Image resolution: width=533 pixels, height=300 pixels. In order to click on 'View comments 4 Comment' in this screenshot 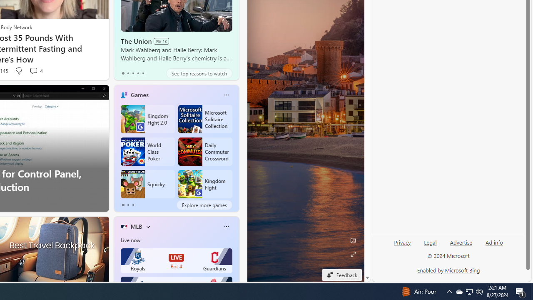, I will do `click(35, 70)`.